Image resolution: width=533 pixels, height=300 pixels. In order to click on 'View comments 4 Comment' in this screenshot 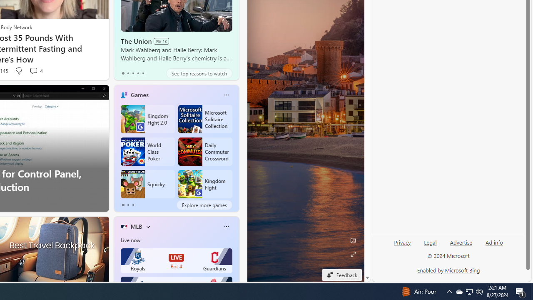, I will do `click(35, 70)`.